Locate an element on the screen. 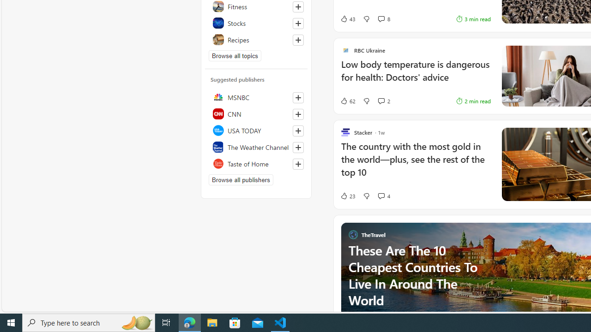 This screenshot has height=332, width=591. 'View comments 8 Comment' is located at coordinates (381, 19).